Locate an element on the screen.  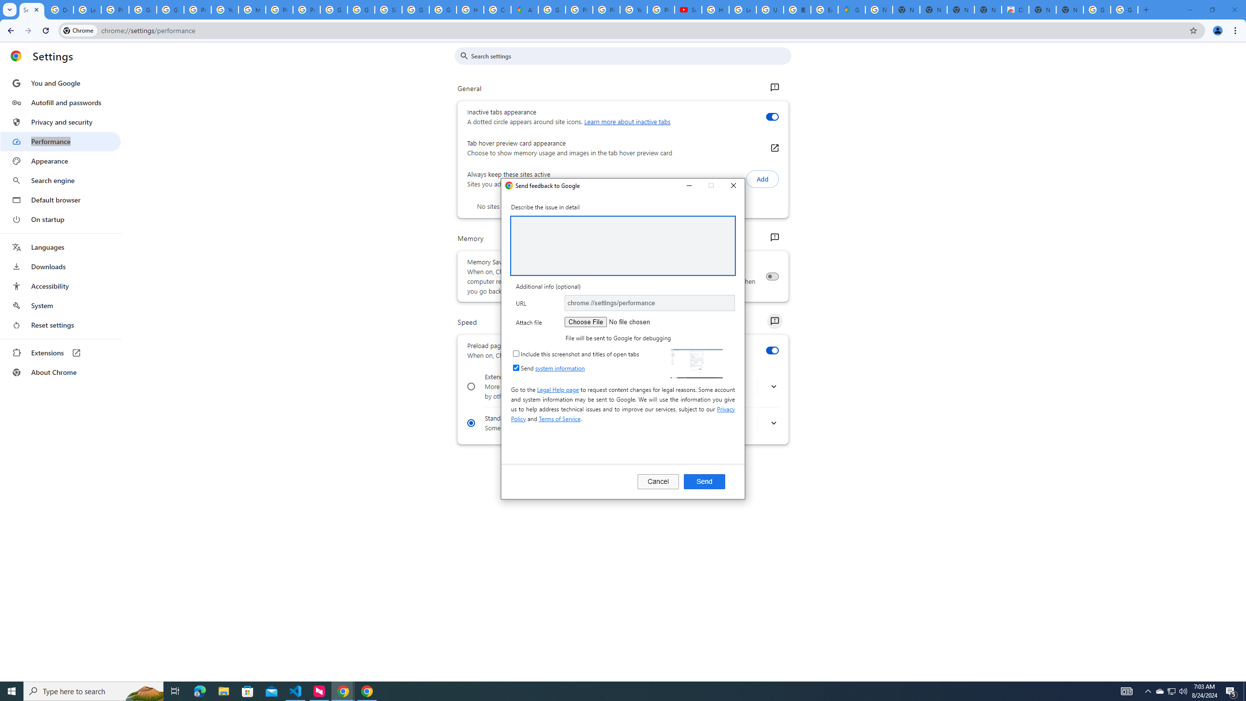
'Appearance' is located at coordinates (60, 161).